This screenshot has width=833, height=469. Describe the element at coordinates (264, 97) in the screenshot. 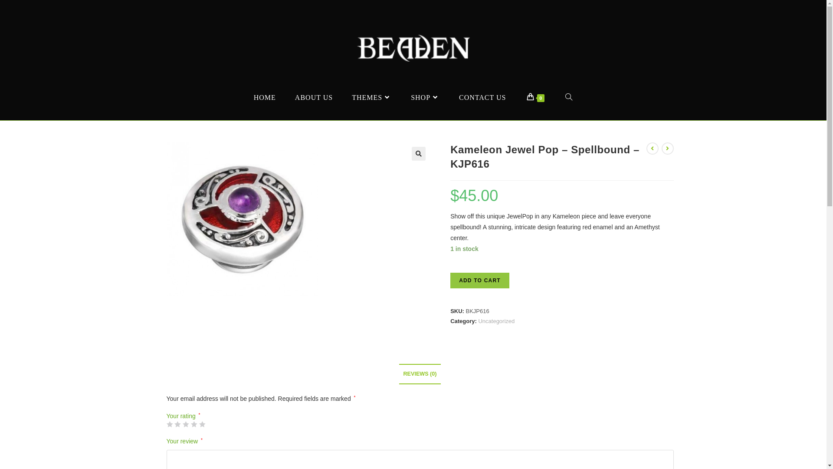

I see `'HOME'` at that location.